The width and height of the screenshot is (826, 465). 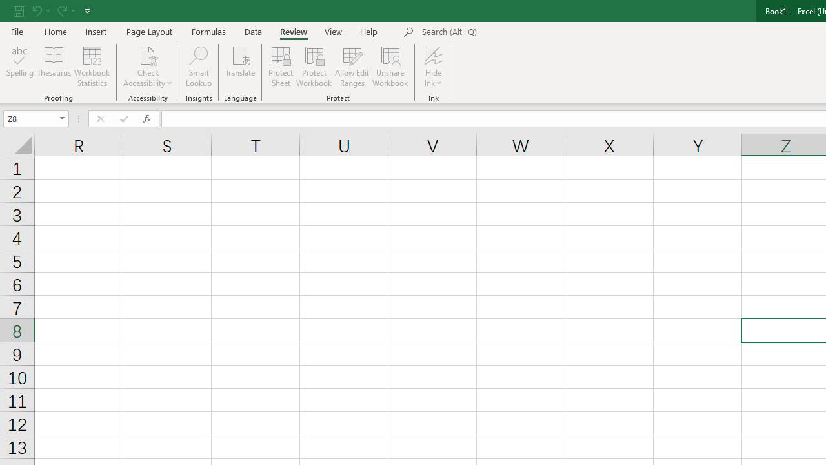 What do you see at coordinates (148, 54) in the screenshot?
I see `'Check Accessibility'` at bounding box center [148, 54].